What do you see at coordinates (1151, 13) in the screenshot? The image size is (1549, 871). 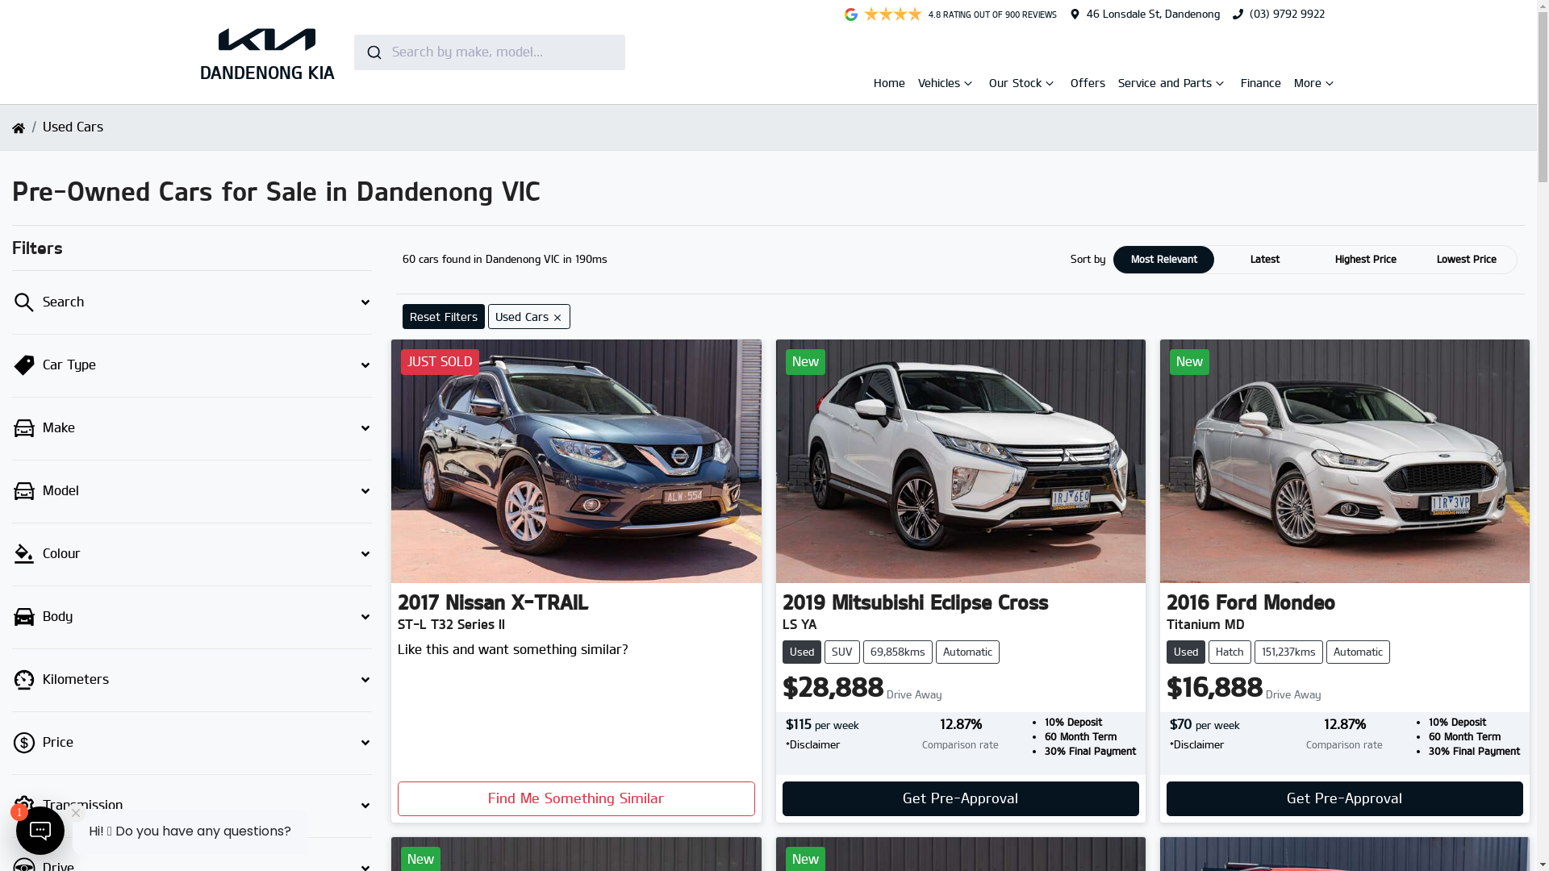 I see `'46 Lonsdale St, Dandenong'` at bounding box center [1151, 13].